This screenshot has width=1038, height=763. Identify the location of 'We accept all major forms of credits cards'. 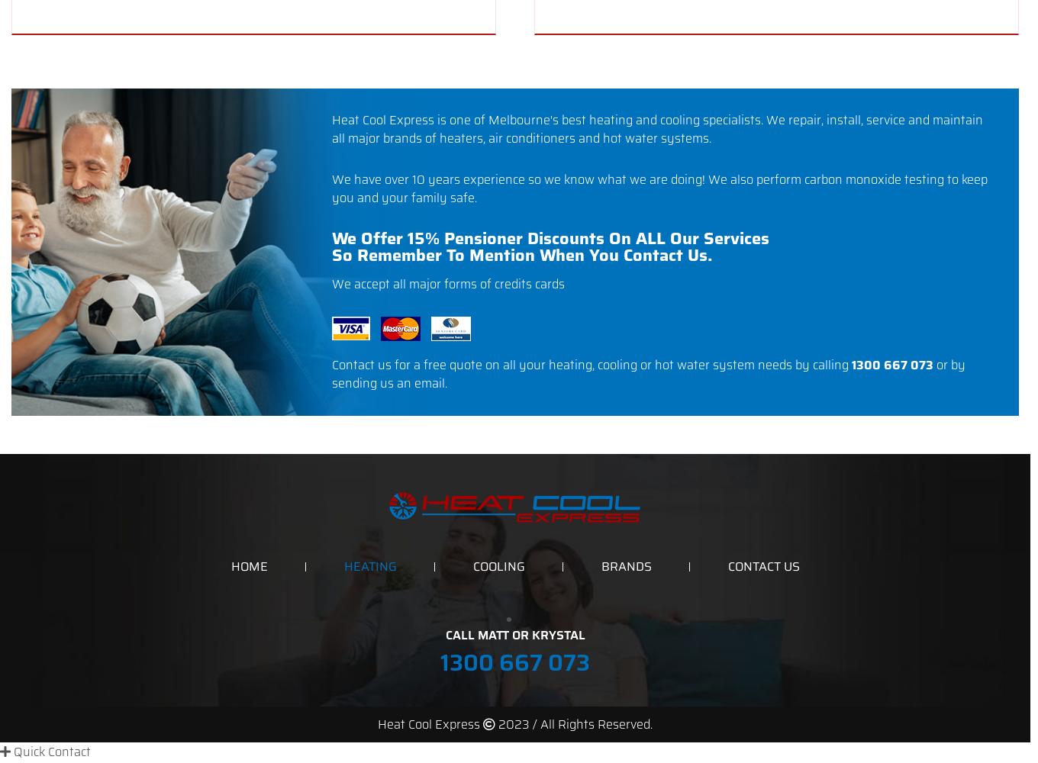
(331, 283).